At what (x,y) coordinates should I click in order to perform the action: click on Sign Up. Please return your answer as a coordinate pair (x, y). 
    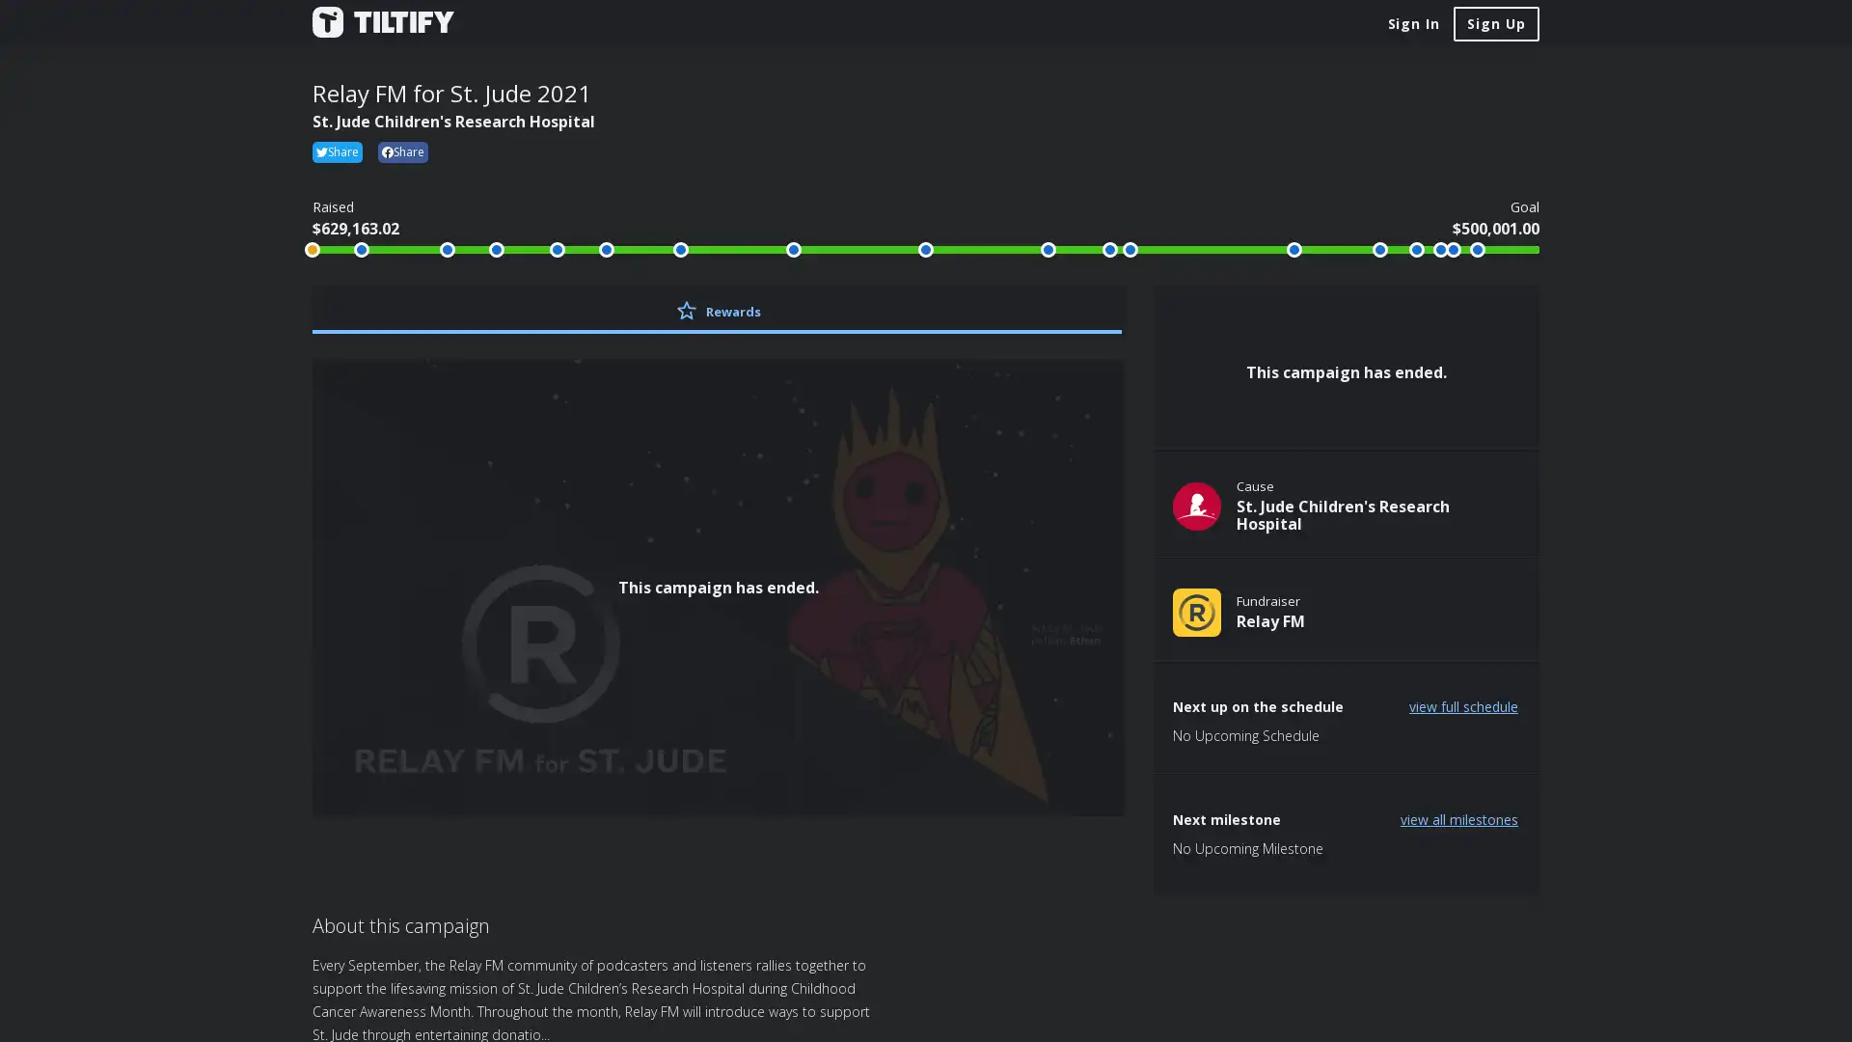
    Looking at the image, I should click on (1495, 23).